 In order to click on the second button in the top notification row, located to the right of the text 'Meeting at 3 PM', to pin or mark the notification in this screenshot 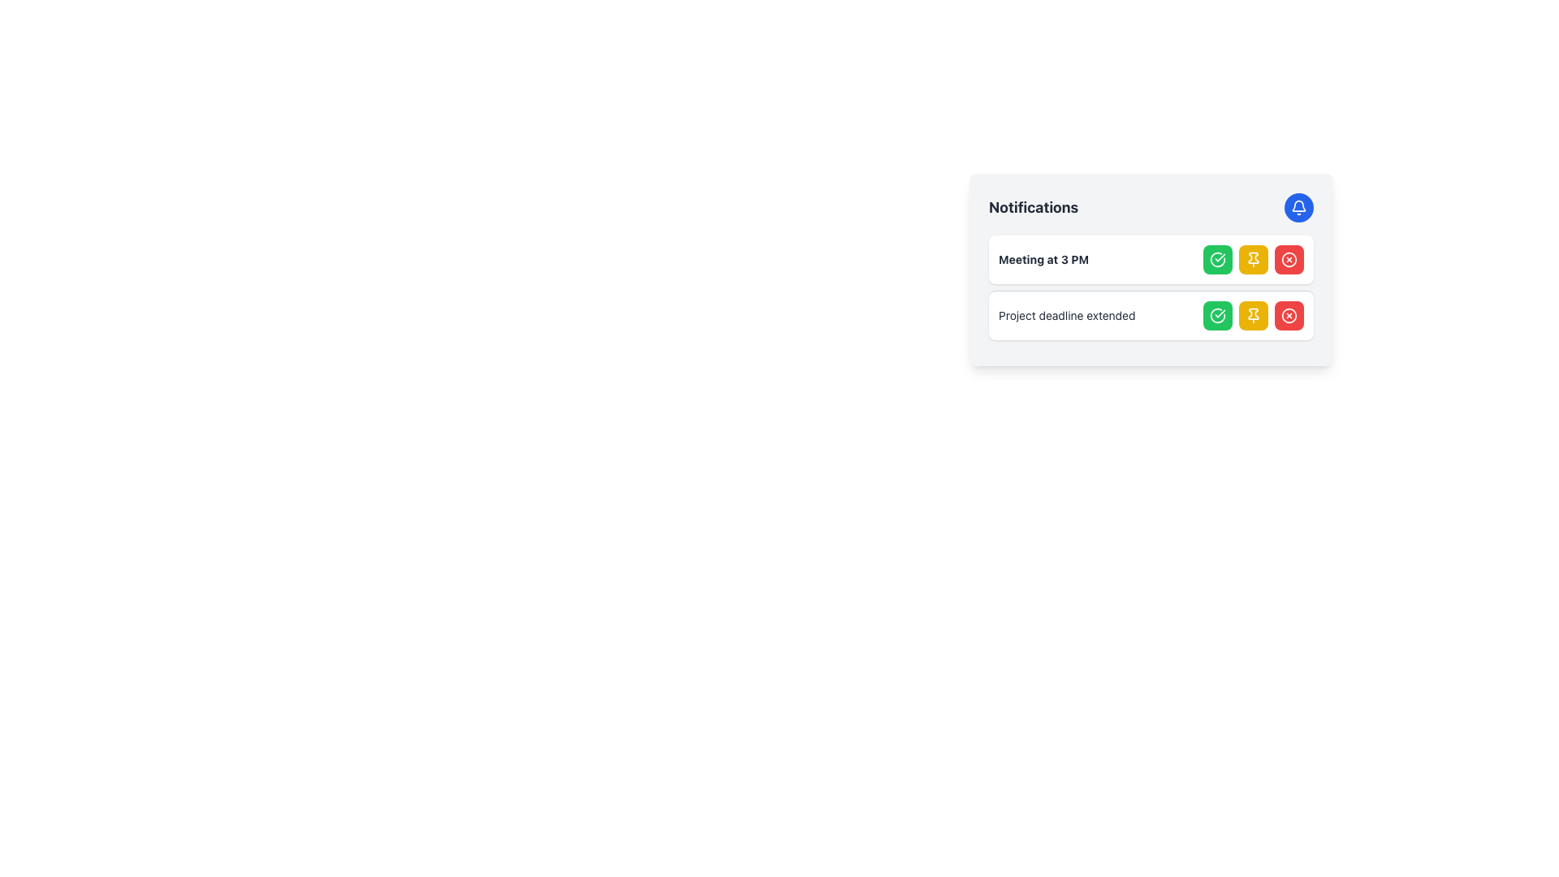, I will do `click(1253, 259)`.